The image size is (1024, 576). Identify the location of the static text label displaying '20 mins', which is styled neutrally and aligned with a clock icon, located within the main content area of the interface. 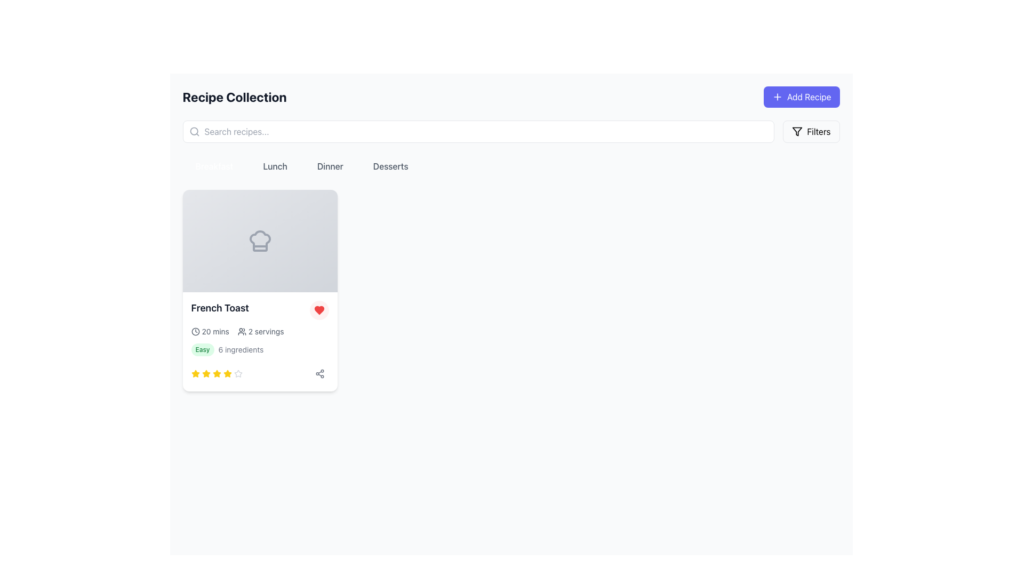
(215, 331).